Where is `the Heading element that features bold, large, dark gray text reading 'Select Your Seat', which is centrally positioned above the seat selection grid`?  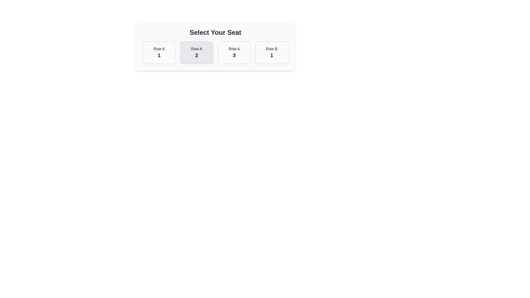 the Heading element that features bold, large, dark gray text reading 'Select Your Seat', which is centrally positioned above the seat selection grid is located at coordinates (215, 33).